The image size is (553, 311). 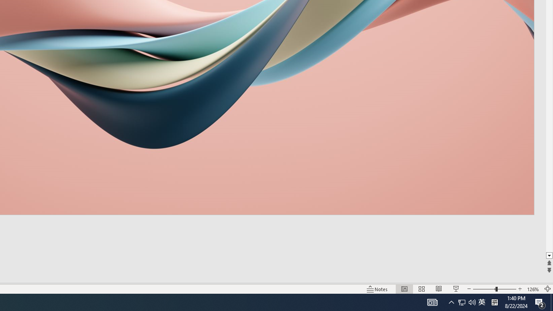 I want to click on 'Zoom 126%', so click(x=533, y=289).